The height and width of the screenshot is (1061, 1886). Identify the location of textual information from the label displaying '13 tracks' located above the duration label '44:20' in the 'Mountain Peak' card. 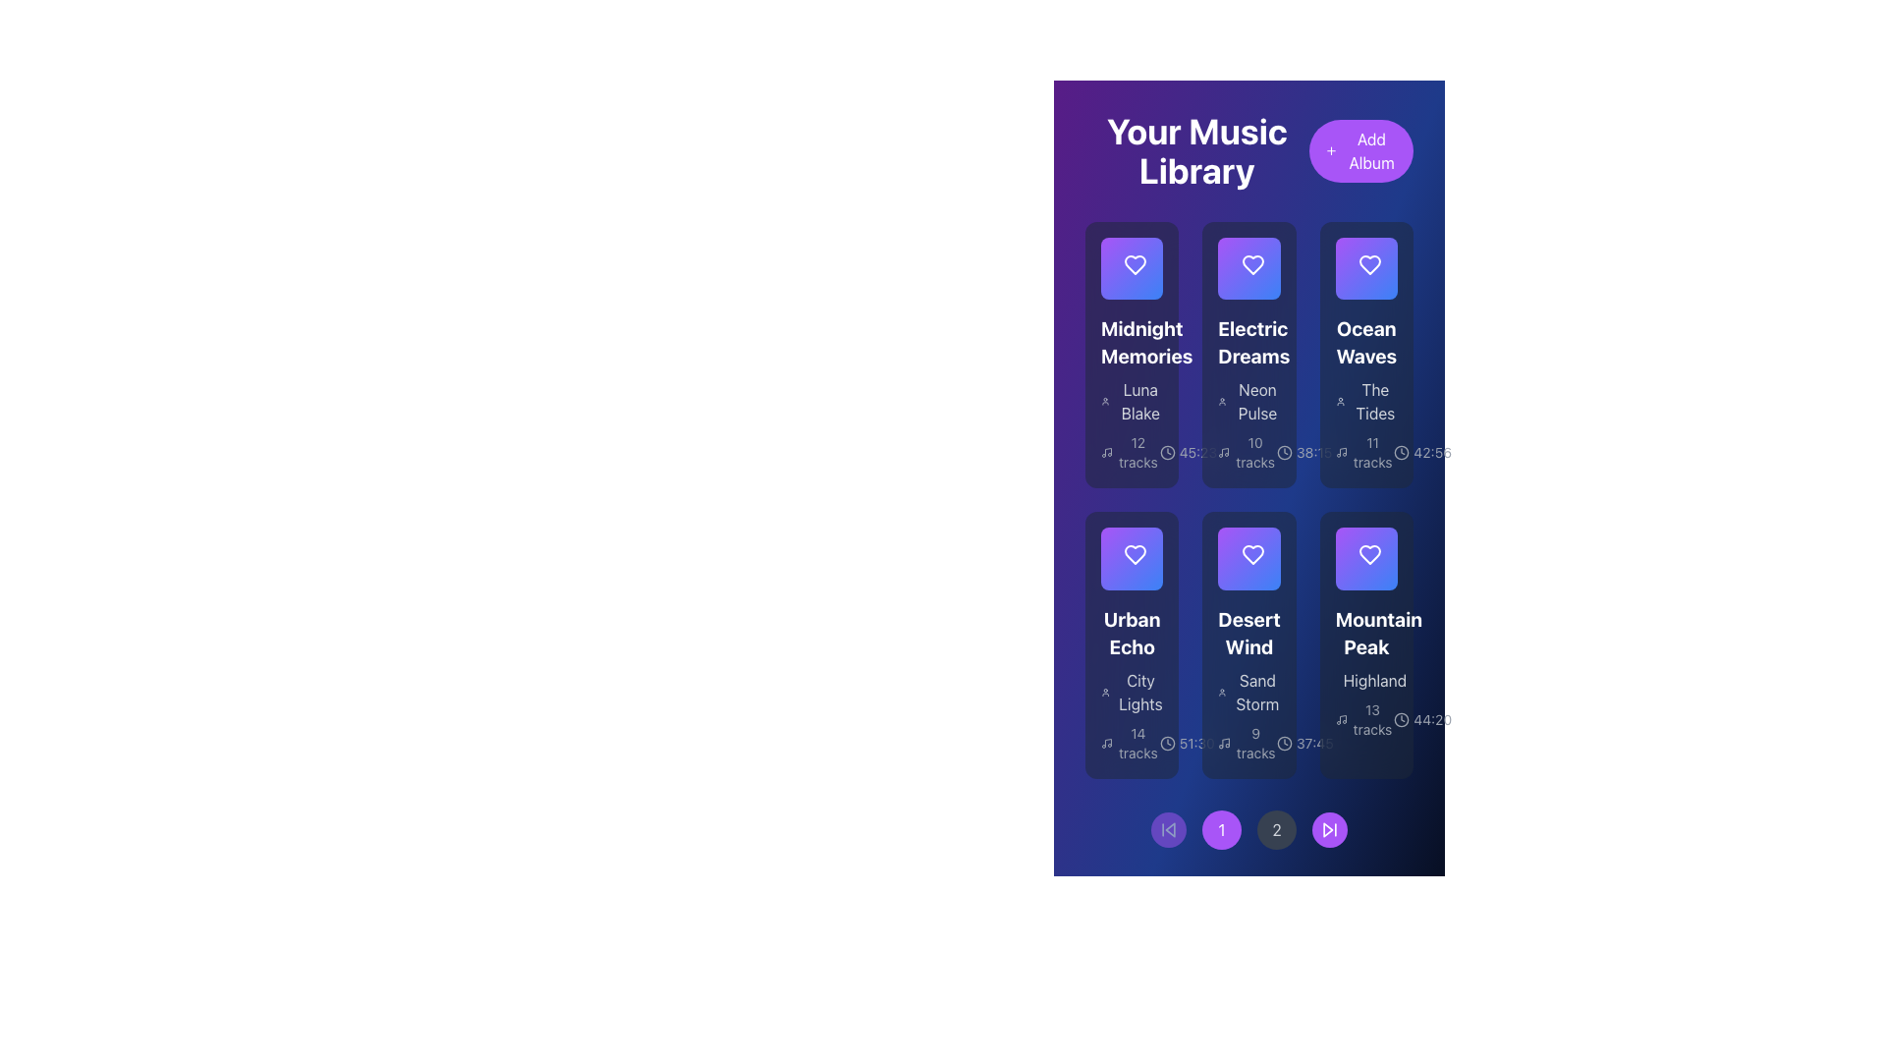
(1365, 719).